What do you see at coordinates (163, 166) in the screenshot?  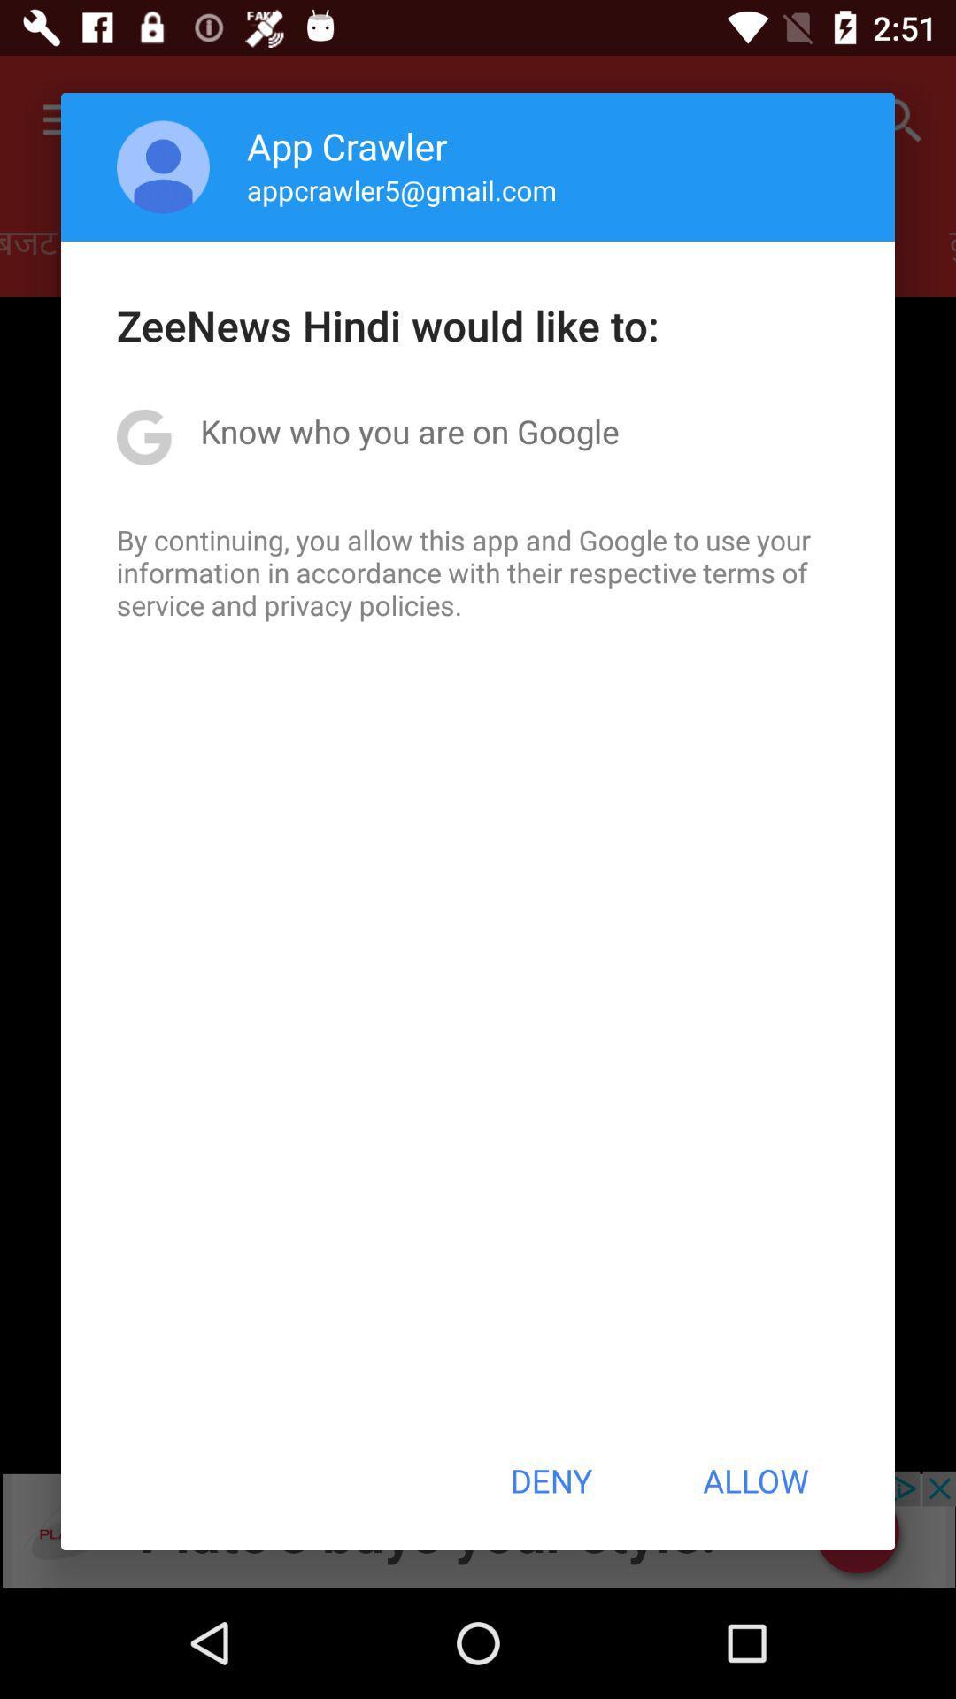 I see `the item to the left of app crawler app` at bounding box center [163, 166].